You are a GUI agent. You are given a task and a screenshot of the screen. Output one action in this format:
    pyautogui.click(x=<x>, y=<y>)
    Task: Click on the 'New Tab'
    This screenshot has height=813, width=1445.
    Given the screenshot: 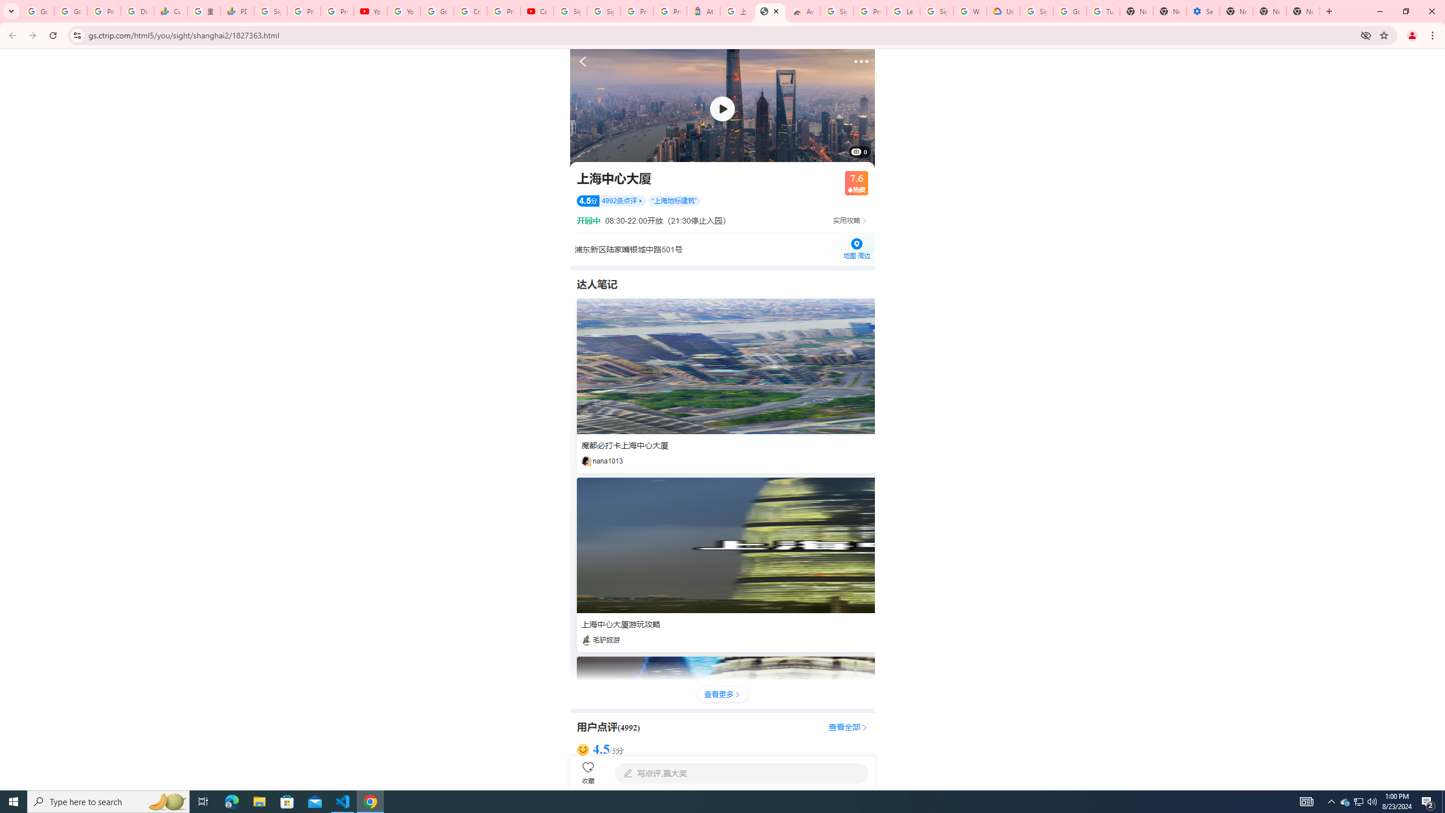 What is the action you would take?
    pyautogui.click(x=1236, y=11)
    